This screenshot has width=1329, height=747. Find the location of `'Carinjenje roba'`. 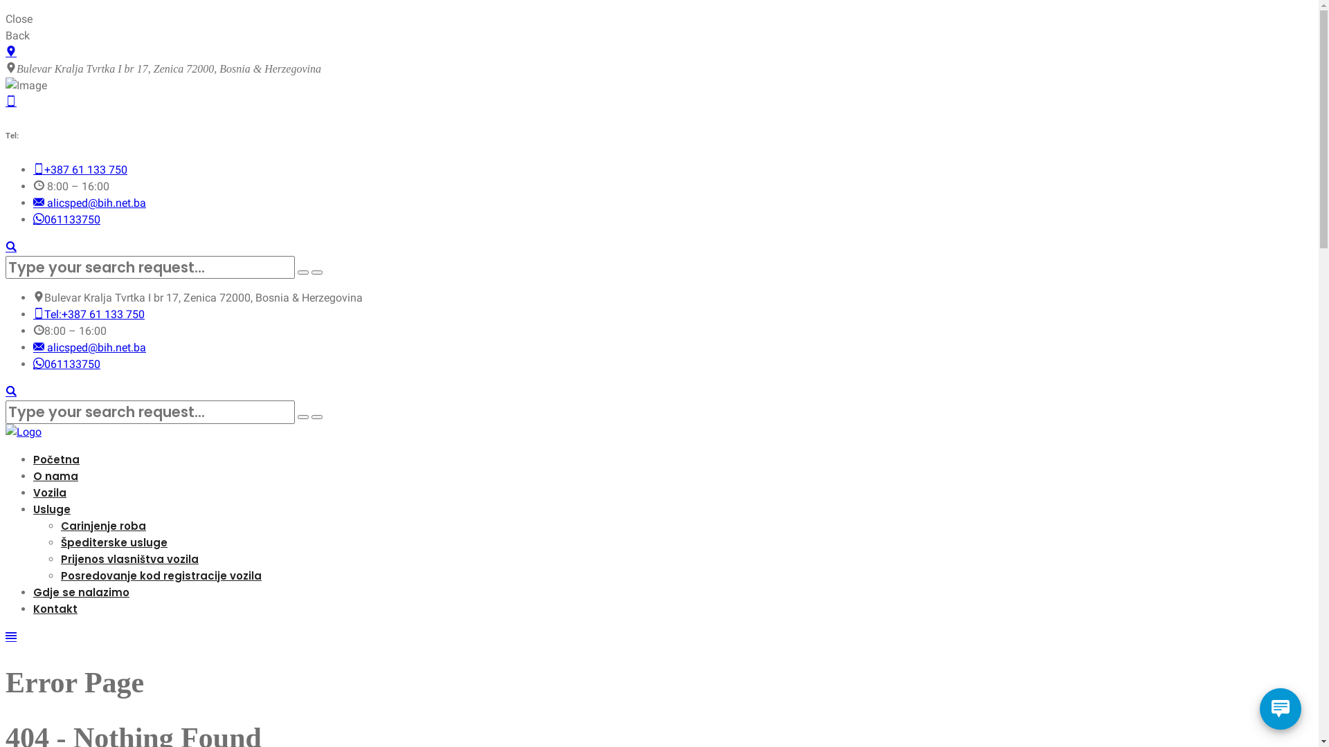

'Carinjenje roba' is located at coordinates (102, 526).